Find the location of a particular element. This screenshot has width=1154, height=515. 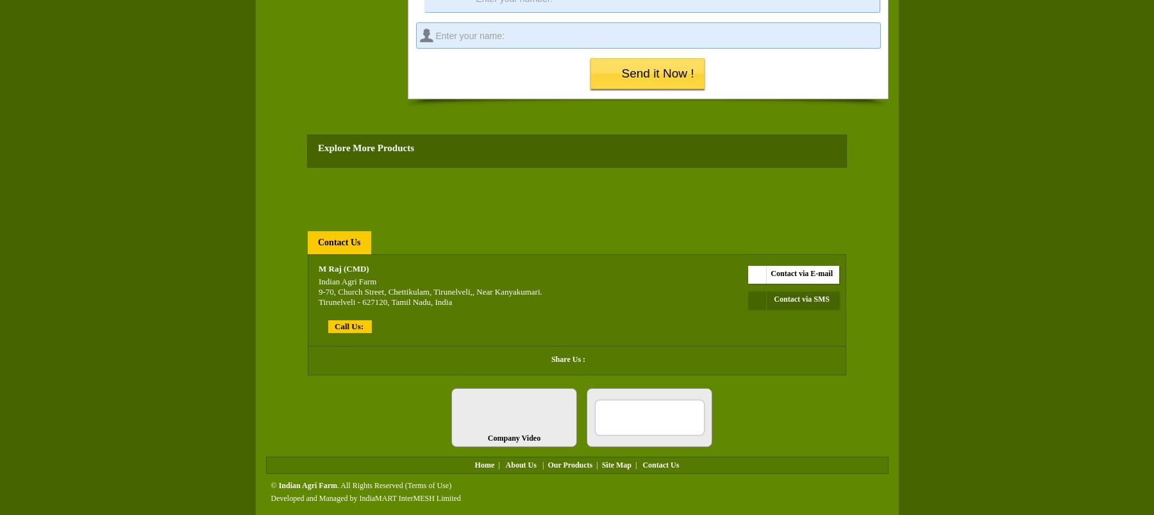

'Share Us :' is located at coordinates (567, 359).